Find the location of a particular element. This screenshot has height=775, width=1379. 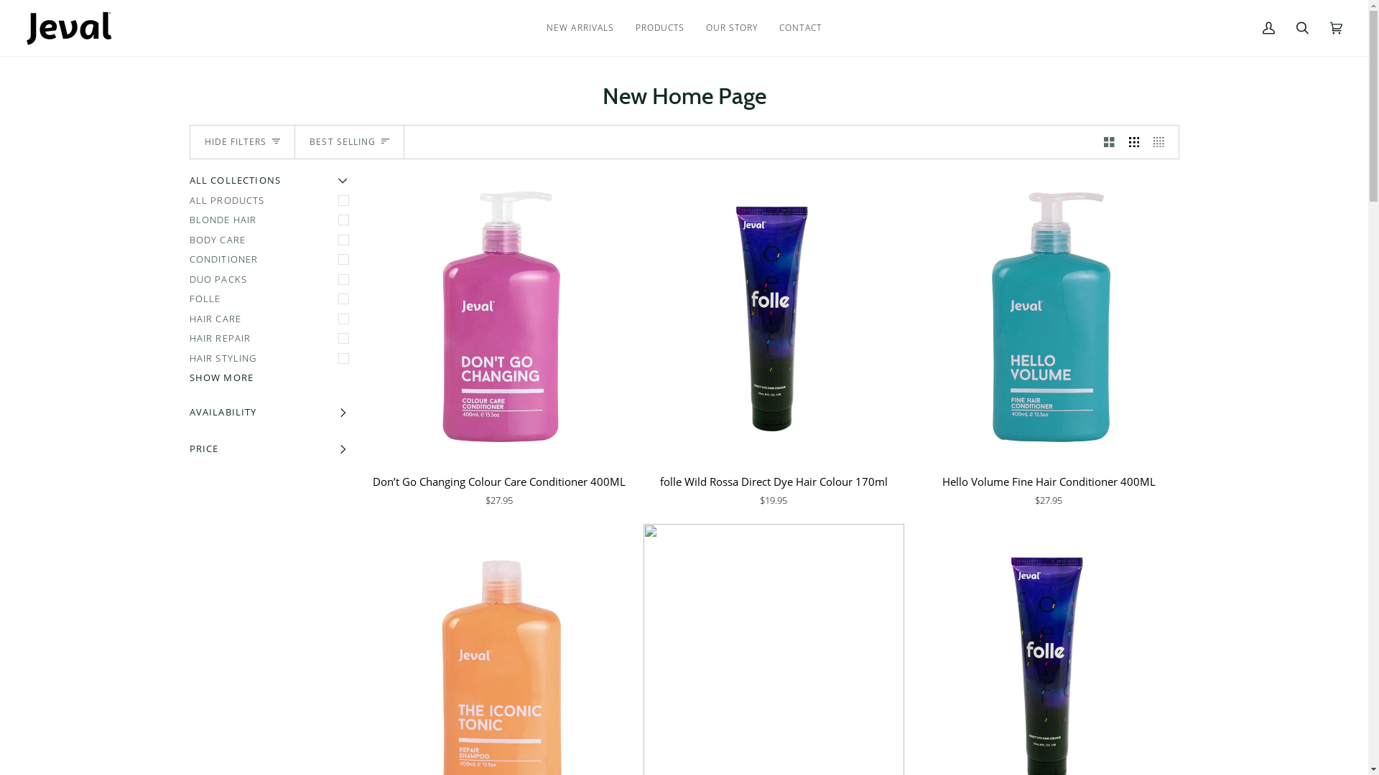

'DUO PACKS' is located at coordinates (189, 279).